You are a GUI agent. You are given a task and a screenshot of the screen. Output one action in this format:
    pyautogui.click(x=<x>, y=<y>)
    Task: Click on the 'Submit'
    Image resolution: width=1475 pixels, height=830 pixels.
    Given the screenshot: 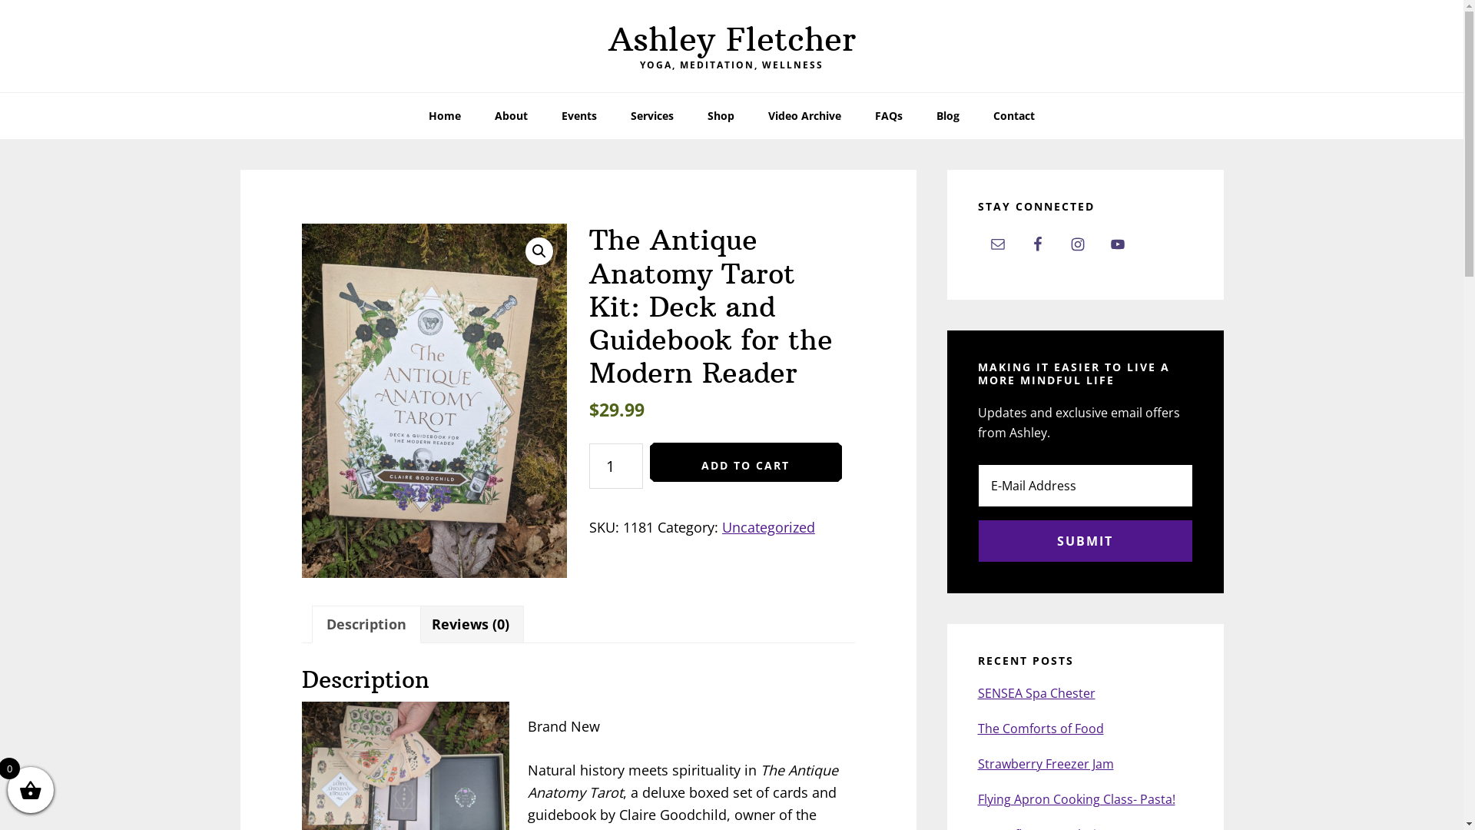 What is the action you would take?
    pyautogui.click(x=1083, y=540)
    